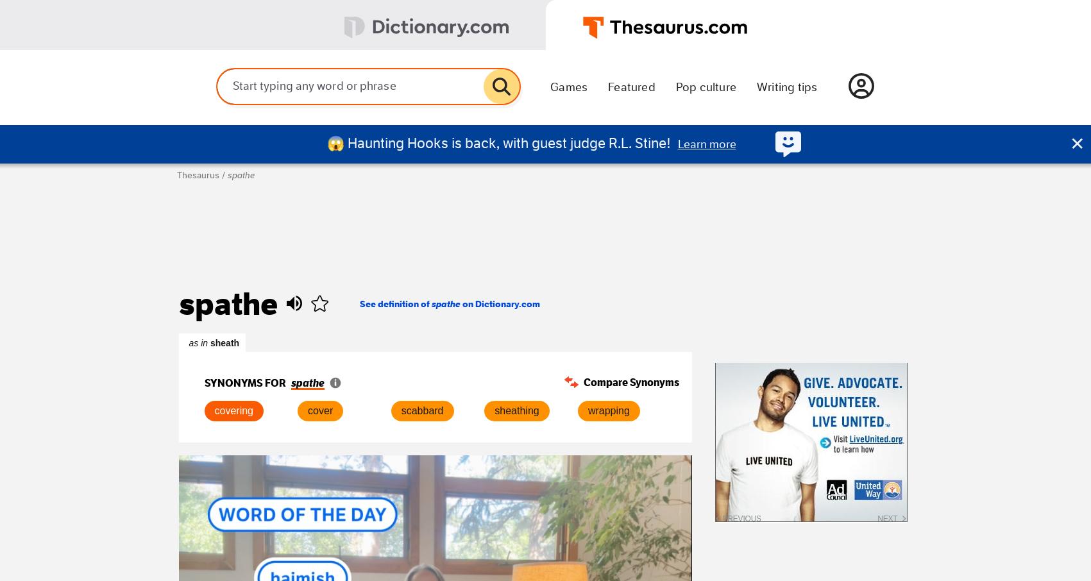 This screenshot has height=581, width=1091. What do you see at coordinates (320, 409) in the screenshot?
I see `'cover'` at bounding box center [320, 409].